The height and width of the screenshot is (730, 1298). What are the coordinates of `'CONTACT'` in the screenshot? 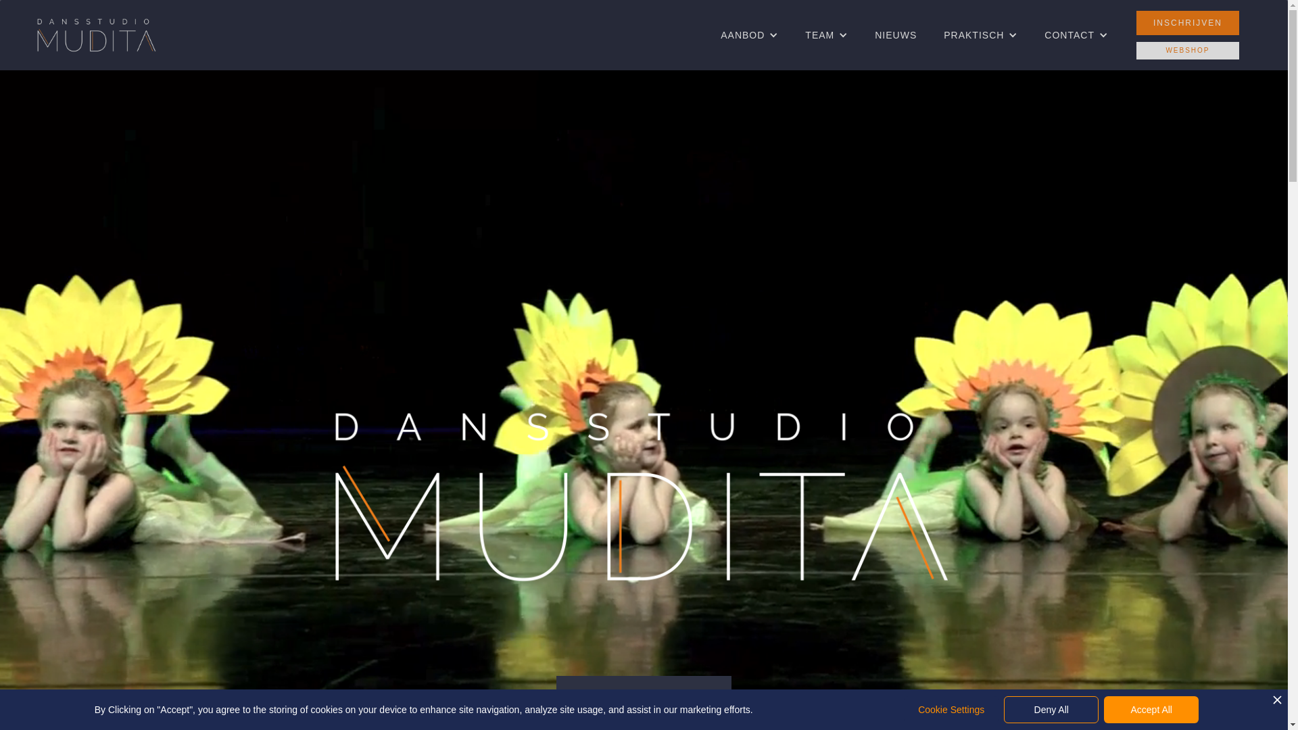 It's located at (1069, 34).